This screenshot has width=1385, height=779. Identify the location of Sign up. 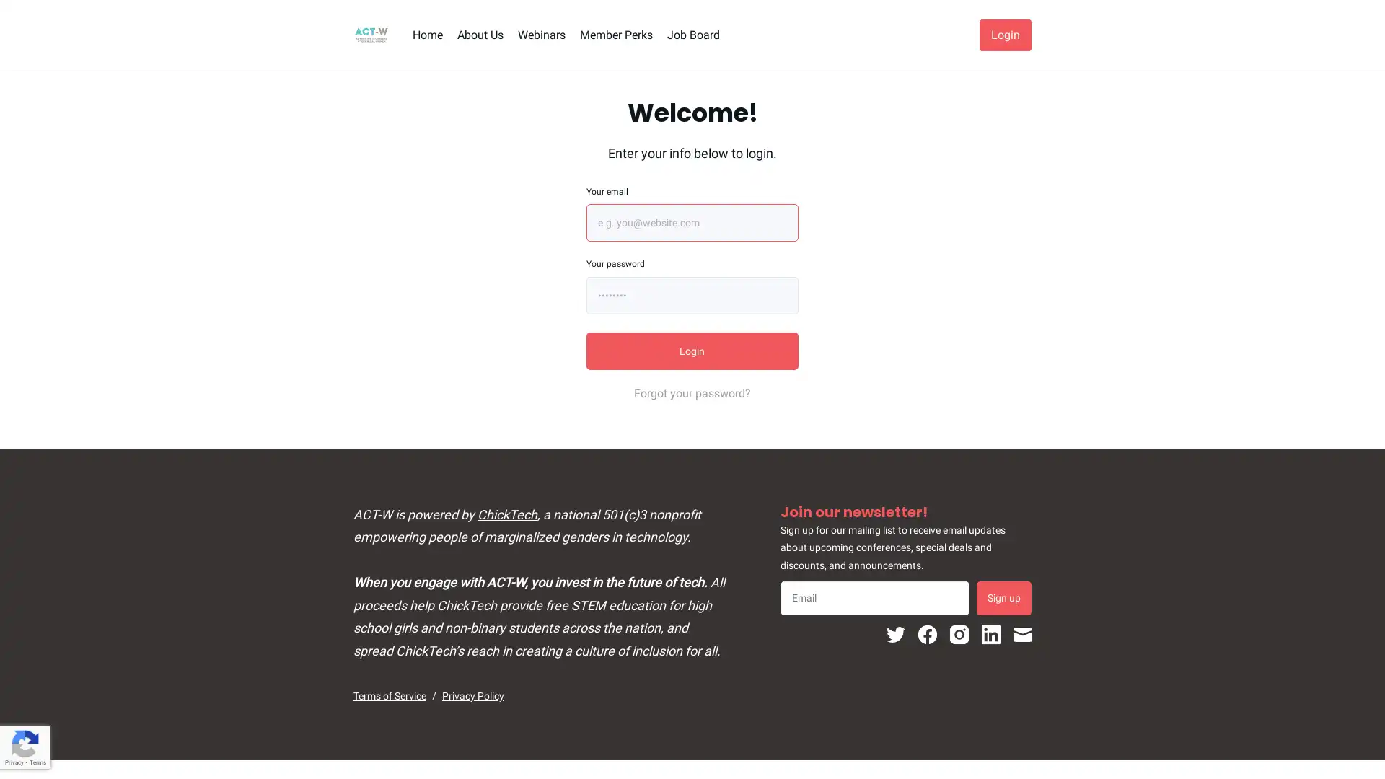
(1003, 598).